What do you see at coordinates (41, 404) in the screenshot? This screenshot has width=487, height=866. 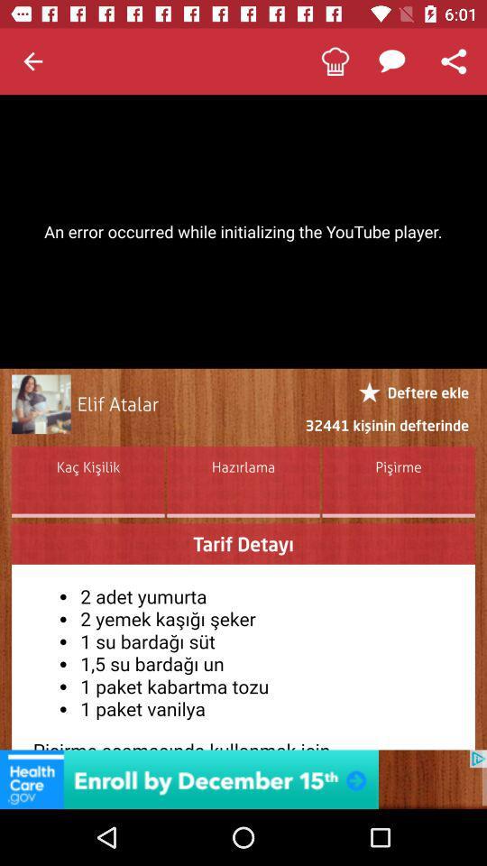 I see `open user profile` at bounding box center [41, 404].